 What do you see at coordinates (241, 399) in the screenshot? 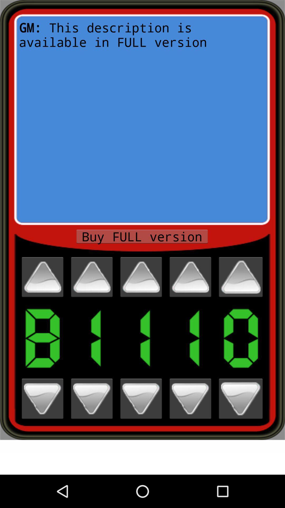
I see `switch down option` at bounding box center [241, 399].